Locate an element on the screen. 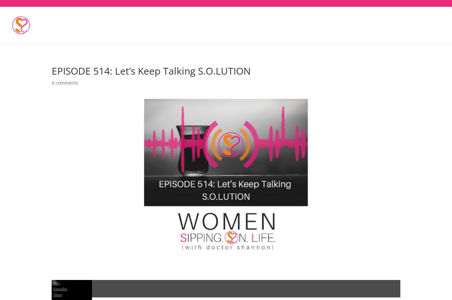  '5-Part Series On Caring For And Protecting Your Heart' is located at coordinates (142, 19).